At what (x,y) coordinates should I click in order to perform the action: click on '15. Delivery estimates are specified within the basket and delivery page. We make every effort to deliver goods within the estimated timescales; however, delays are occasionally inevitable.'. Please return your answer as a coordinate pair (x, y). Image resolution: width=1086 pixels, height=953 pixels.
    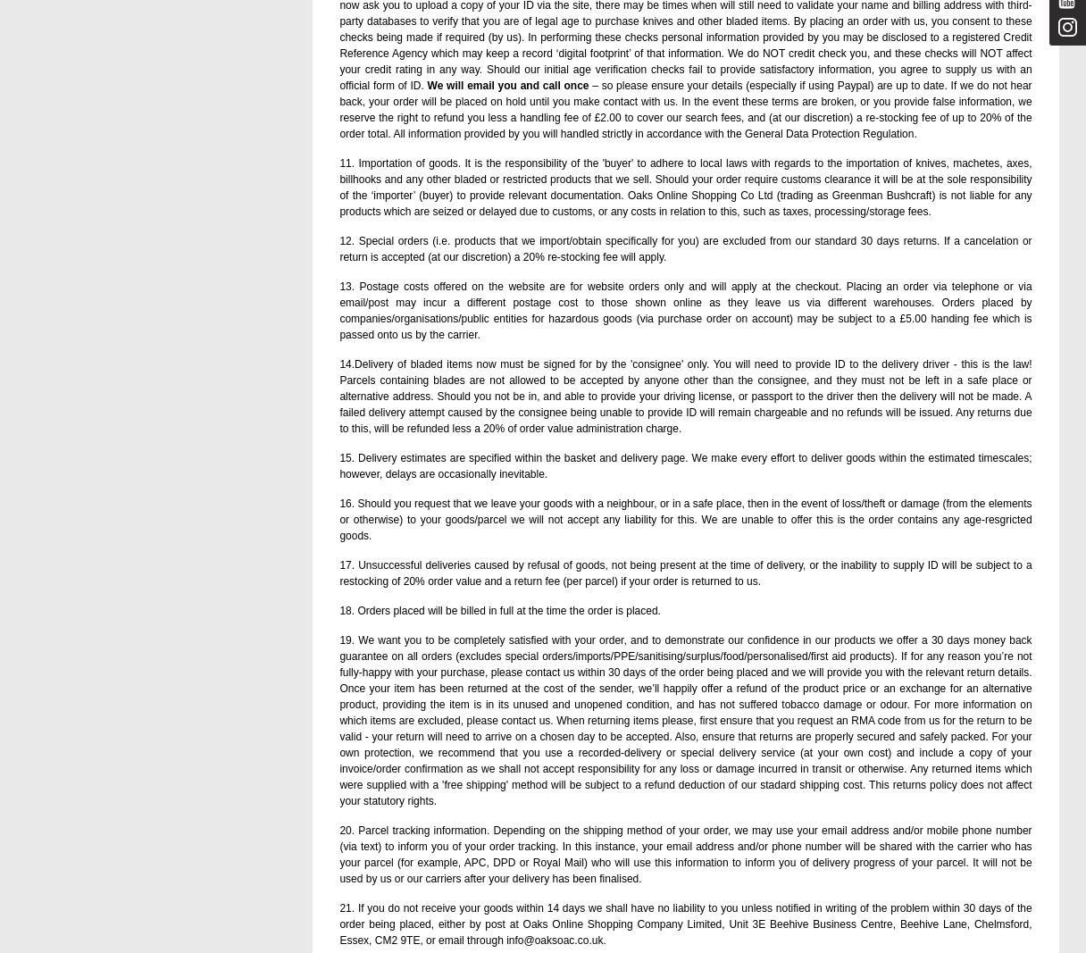
    Looking at the image, I should click on (339, 464).